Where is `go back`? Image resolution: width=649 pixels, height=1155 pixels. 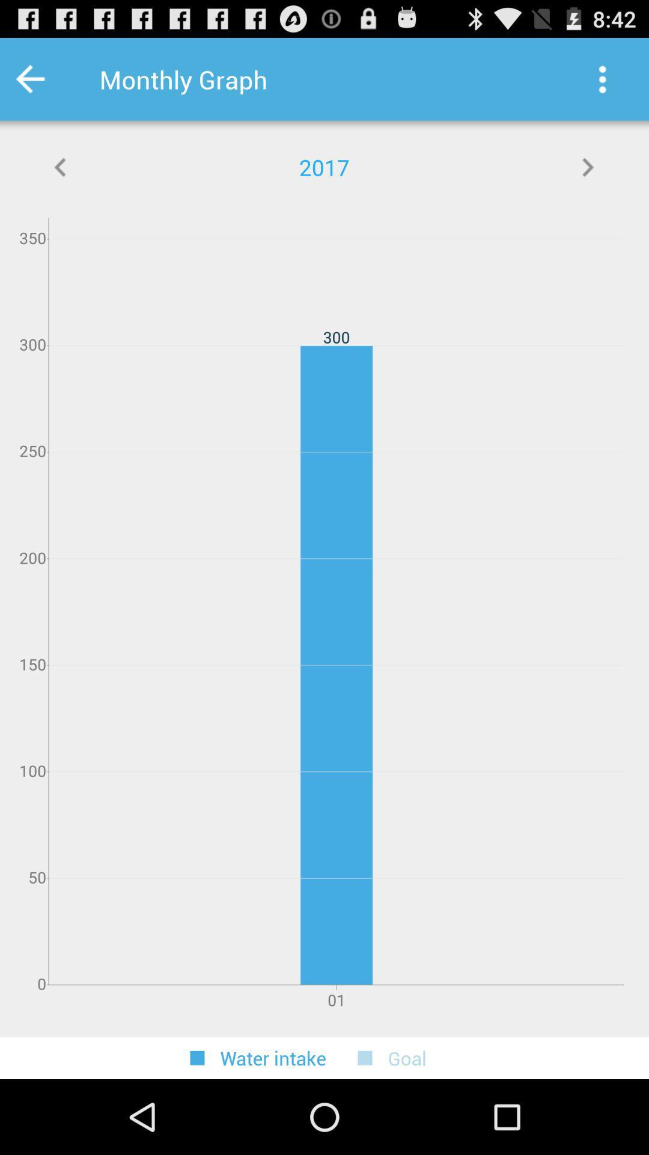
go back is located at coordinates (46, 79).